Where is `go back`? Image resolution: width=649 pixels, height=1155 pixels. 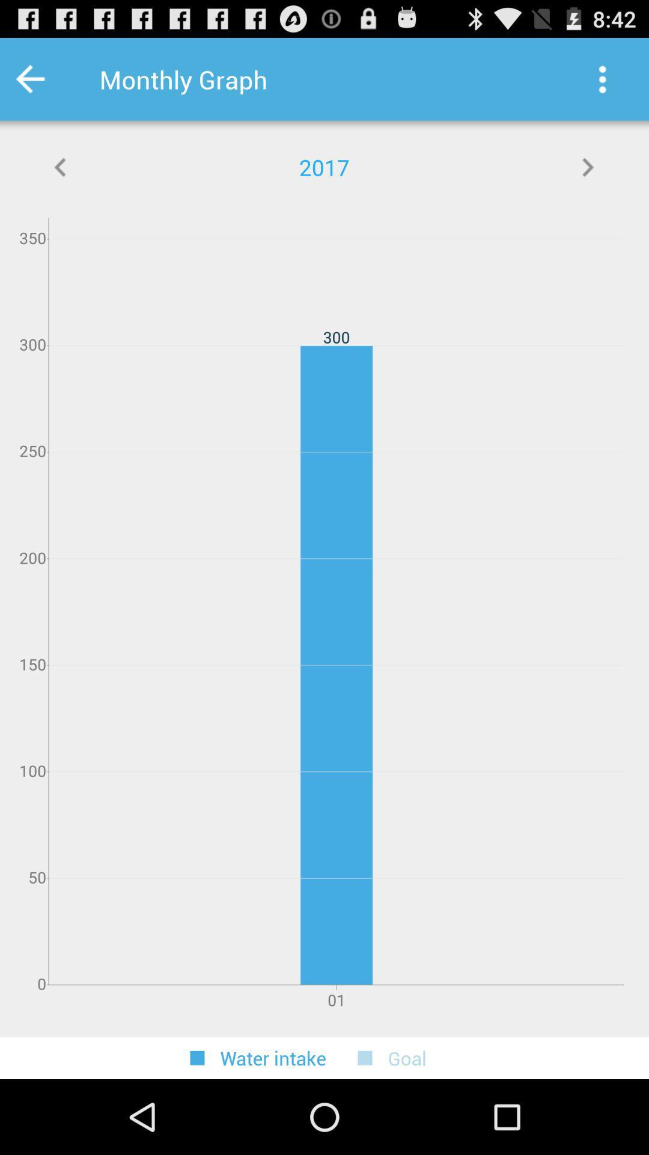
go back is located at coordinates (46, 79).